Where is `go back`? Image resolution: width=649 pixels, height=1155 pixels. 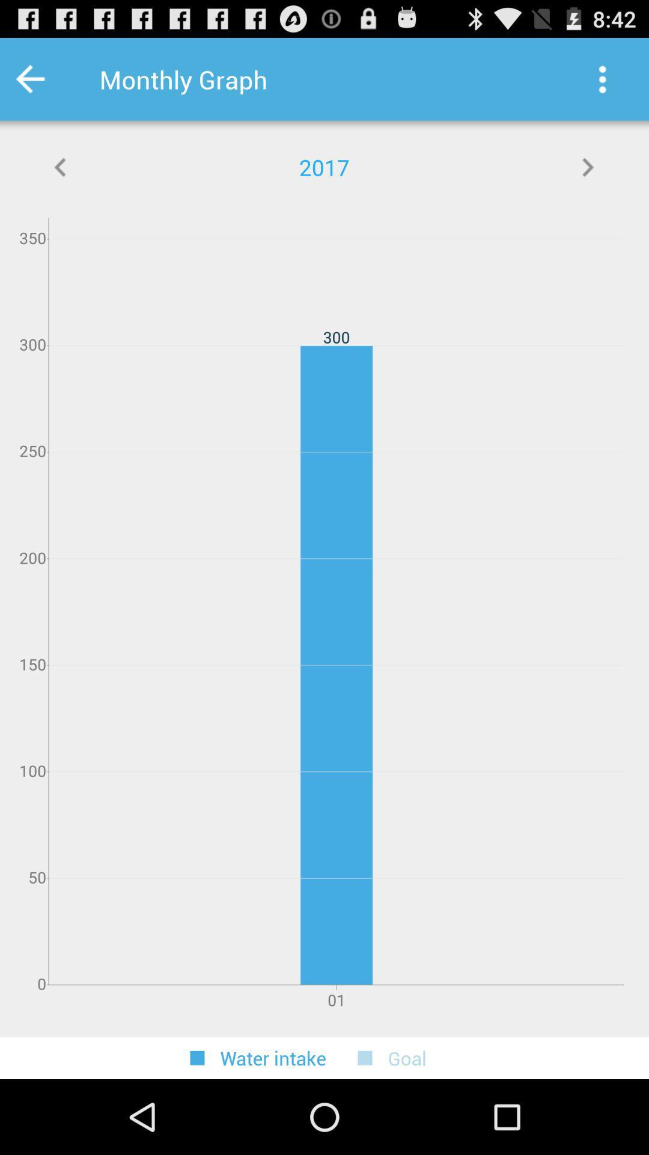
go back is located at coordinates (46, 79).